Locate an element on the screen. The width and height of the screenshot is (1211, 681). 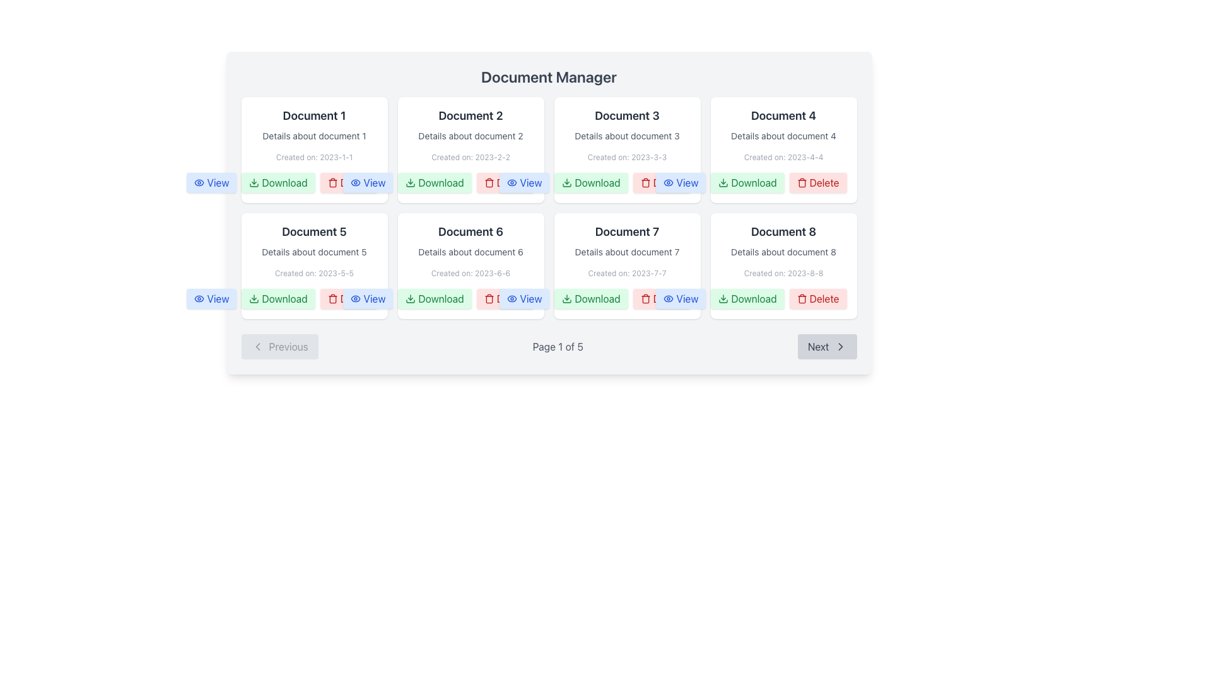
the descriptive text display for the 'Document 3' item in the Document Manager grid, located in the third column of the first row is located at coordinates (627, 136).